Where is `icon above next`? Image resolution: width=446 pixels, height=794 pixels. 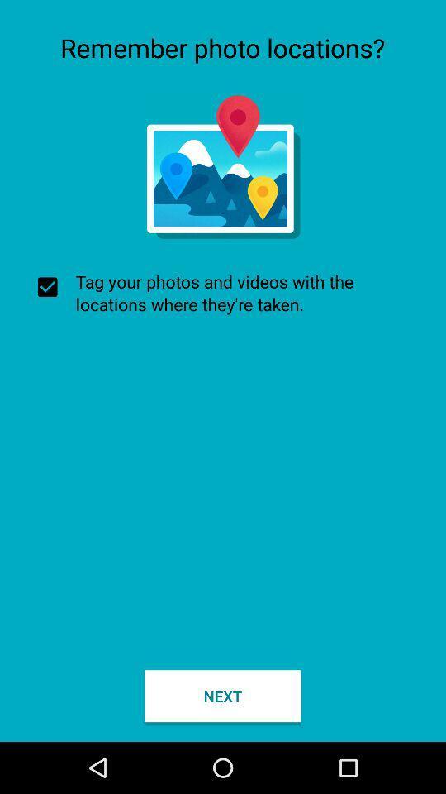
icon above next is located at coordinates (223, 293).